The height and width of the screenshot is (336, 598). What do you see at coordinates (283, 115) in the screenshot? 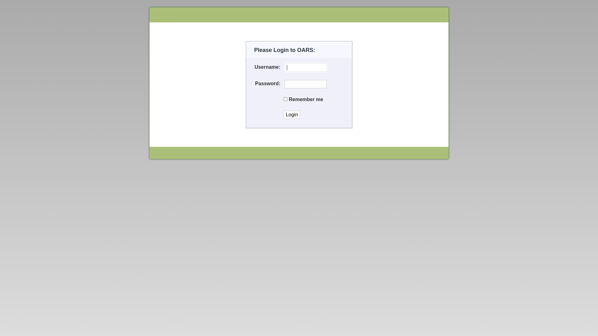
I see `'Login'` at bounding box center [283, 115].